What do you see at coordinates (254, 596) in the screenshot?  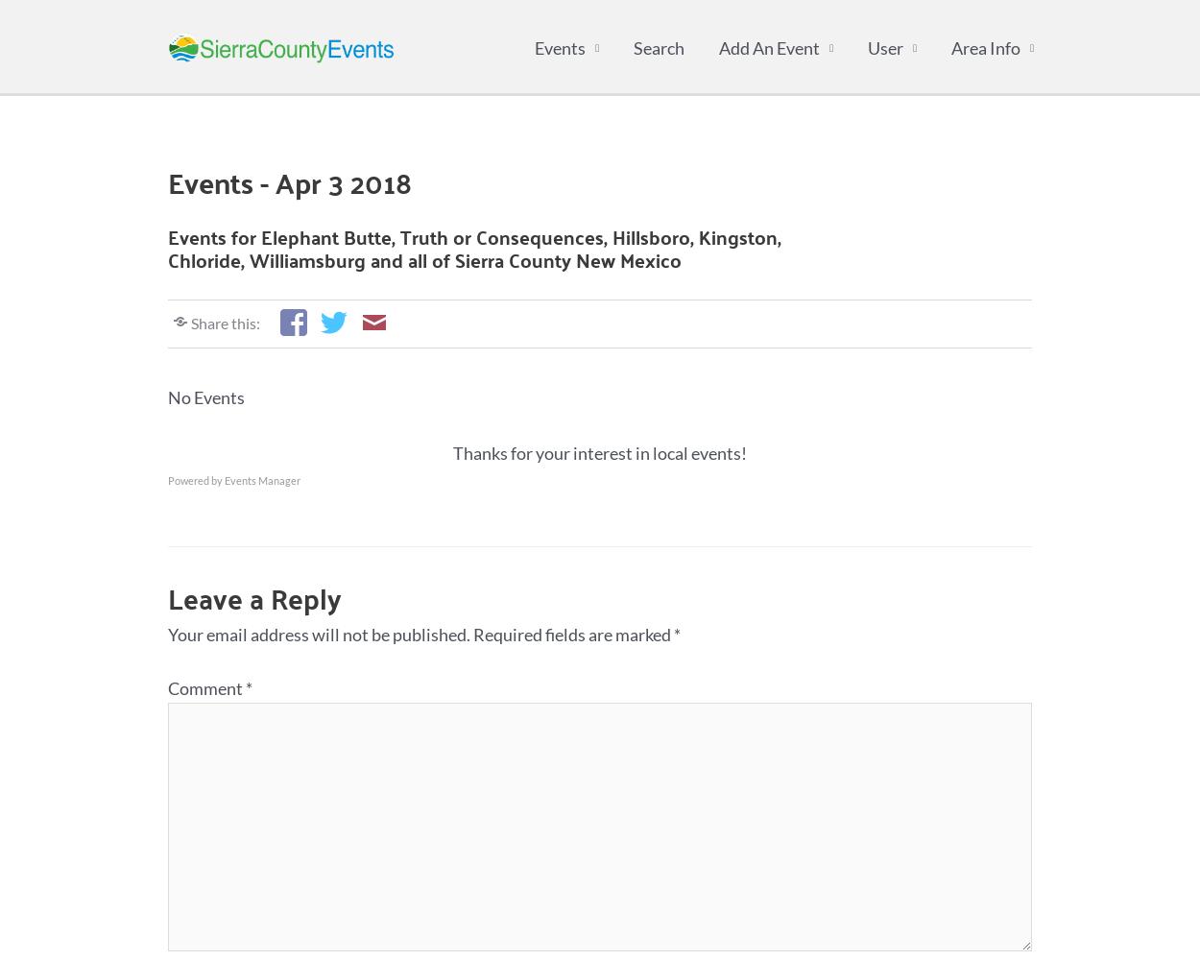 I see `'Leave a Reply'` at bounding box center [254, 596].